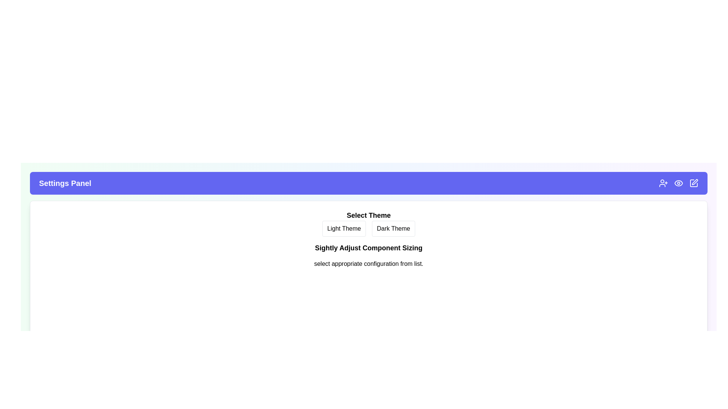  I want to click on the second icon representing 'view' or 'visibility', which is an eye symbol located between a user plus icon and a pencil icon, so click(679, 183).